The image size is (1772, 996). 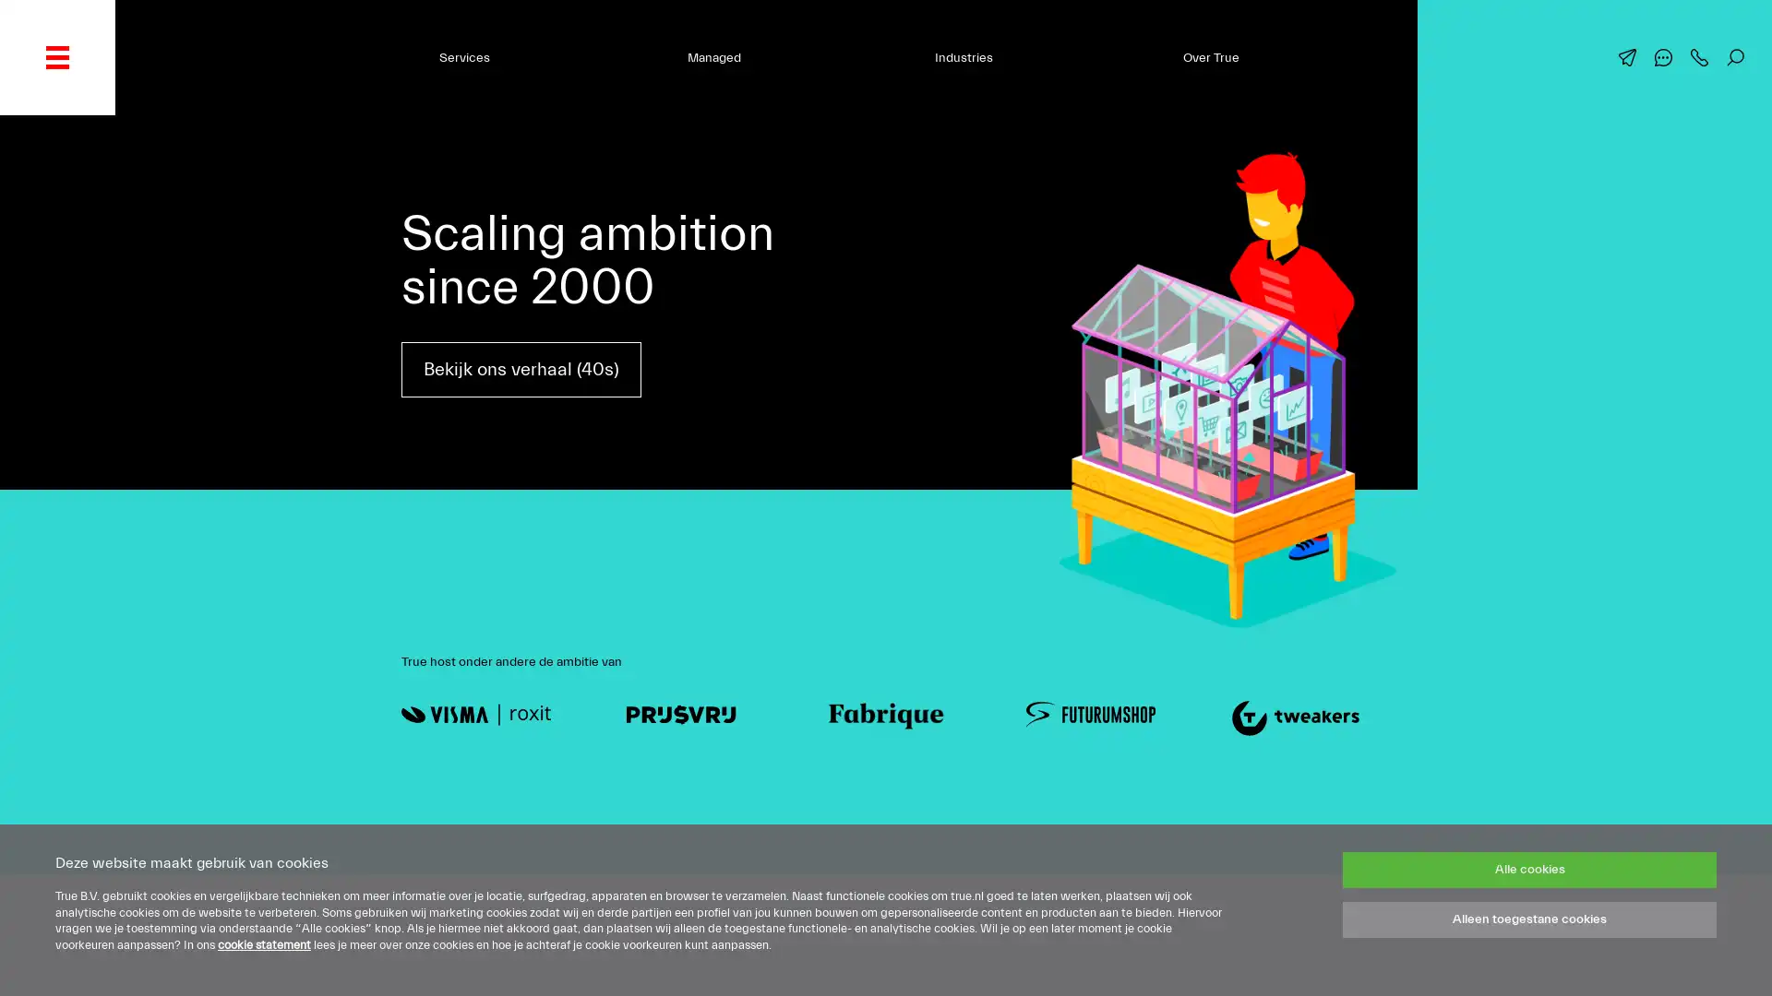 What do you see at coordinates (1672, 56) in the screenshot?
I see `Chat met ons` at bounding box center [1672, 56].